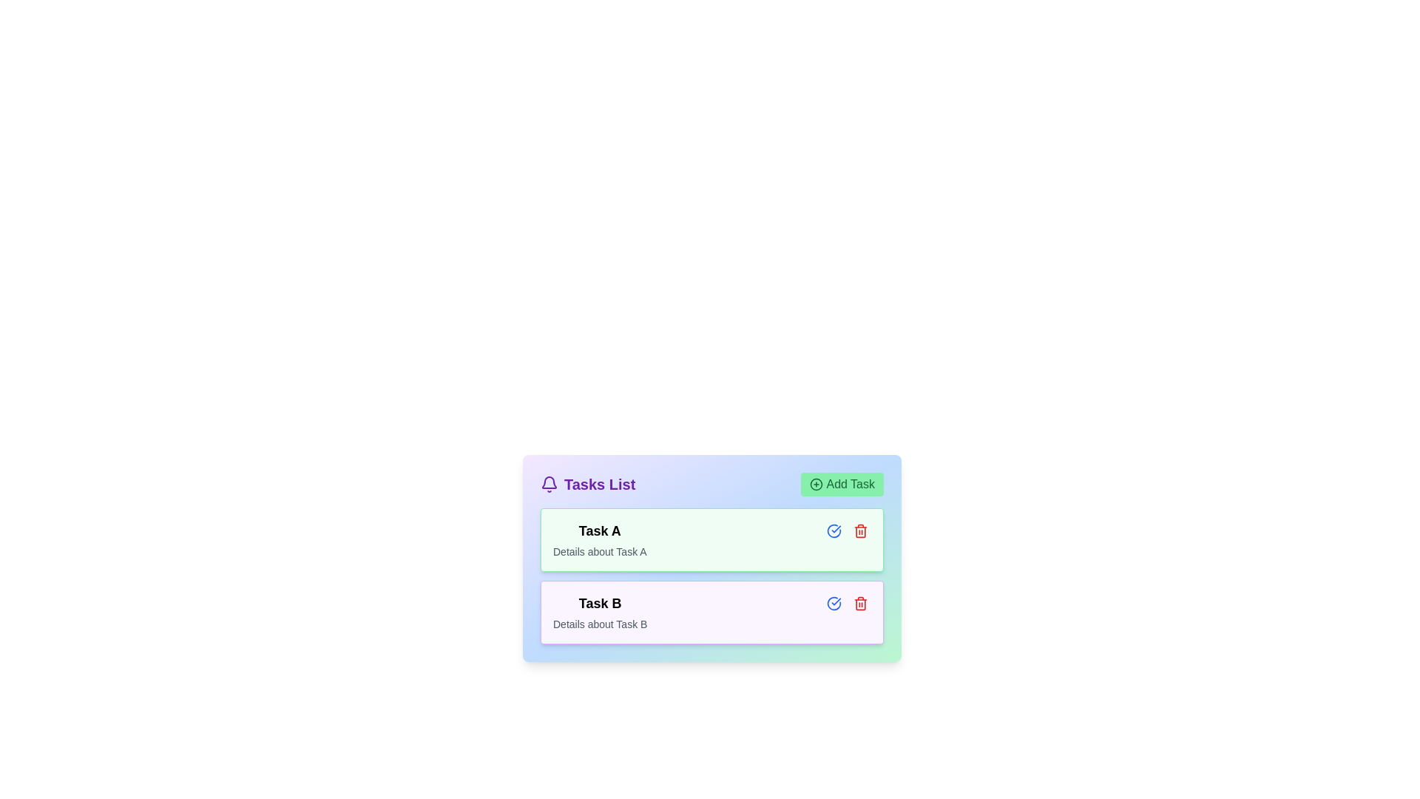 Image resolution: width=1420 pixels, height=799 pixels. Describe the element at coordinates (834, 530) in the screenshot. I see `the blue circular icon with a checkmark inside, located on the right side of the second task row labeled 'Task B', to mark the task as completed` at that location.